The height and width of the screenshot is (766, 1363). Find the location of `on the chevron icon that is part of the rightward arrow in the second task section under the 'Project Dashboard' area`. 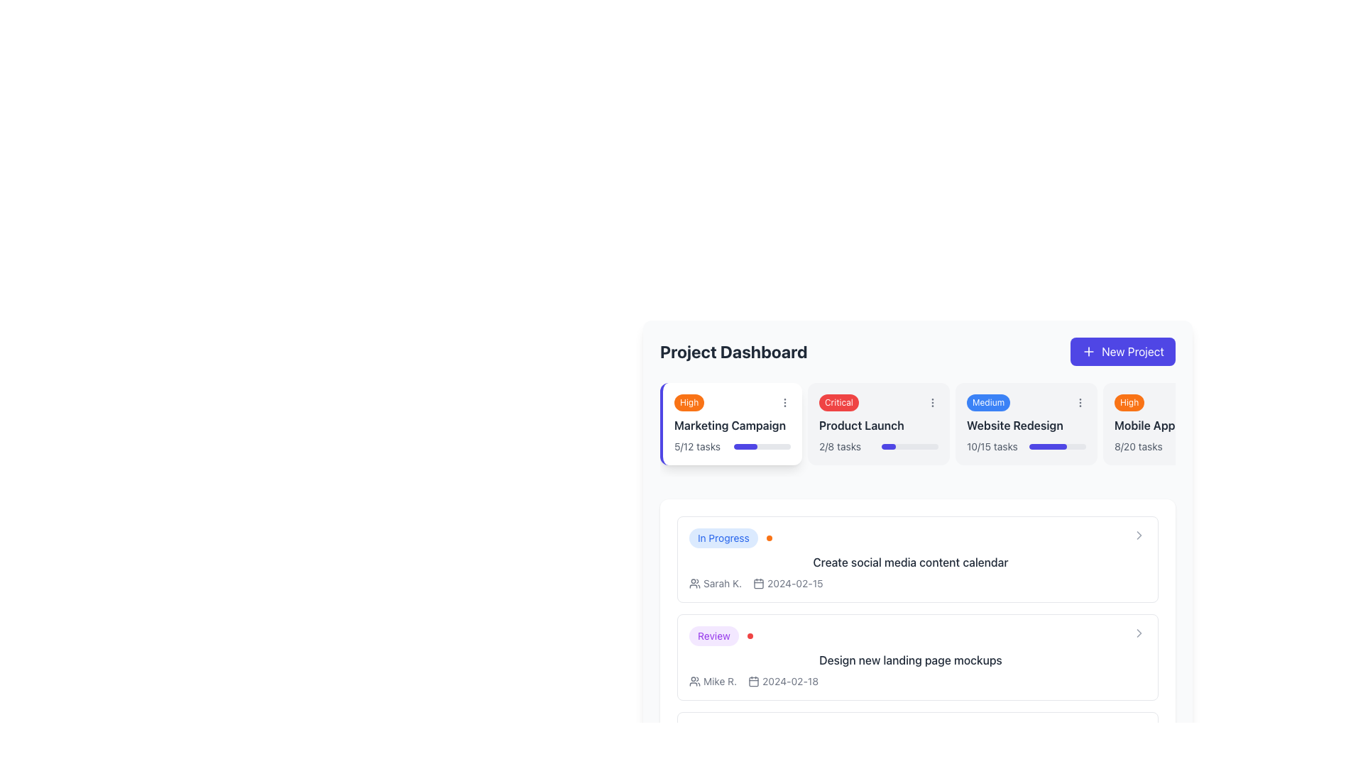

on the chevron icon that is part of the rightward arrow in the second task section under the 'Project Dashboard' area is located at coordinates (1139, 633).